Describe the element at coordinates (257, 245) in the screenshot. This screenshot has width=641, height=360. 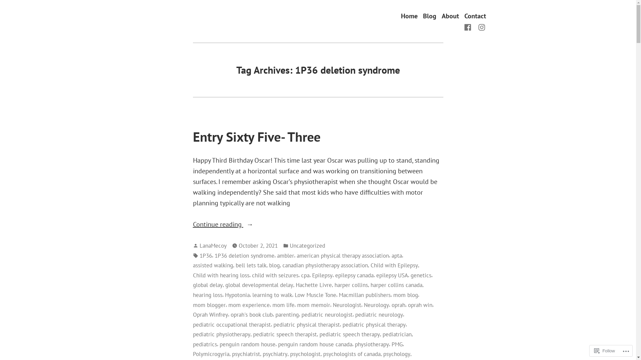
I see `'October 2, 2021'` at that location.